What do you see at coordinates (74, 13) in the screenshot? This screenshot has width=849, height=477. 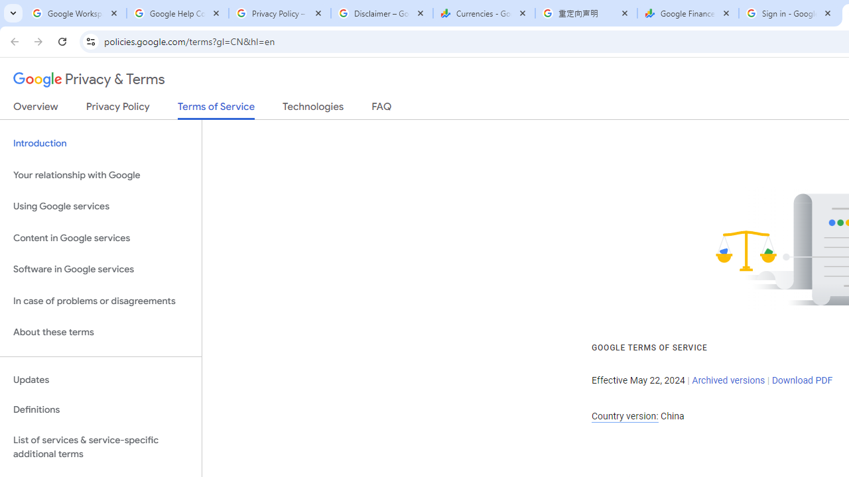 I see `'Google Workspace Admin Community'` at bounding box center [74, 13].